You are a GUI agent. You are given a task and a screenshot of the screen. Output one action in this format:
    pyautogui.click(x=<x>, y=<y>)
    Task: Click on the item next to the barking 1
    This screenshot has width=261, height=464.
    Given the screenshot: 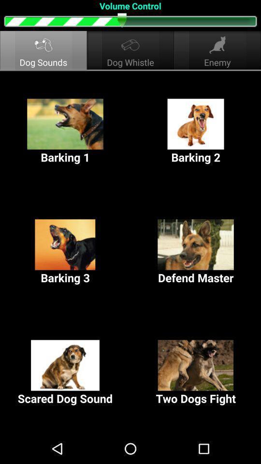 What is the action you would take?
    pyautogui.click(x=196, y=131)
    